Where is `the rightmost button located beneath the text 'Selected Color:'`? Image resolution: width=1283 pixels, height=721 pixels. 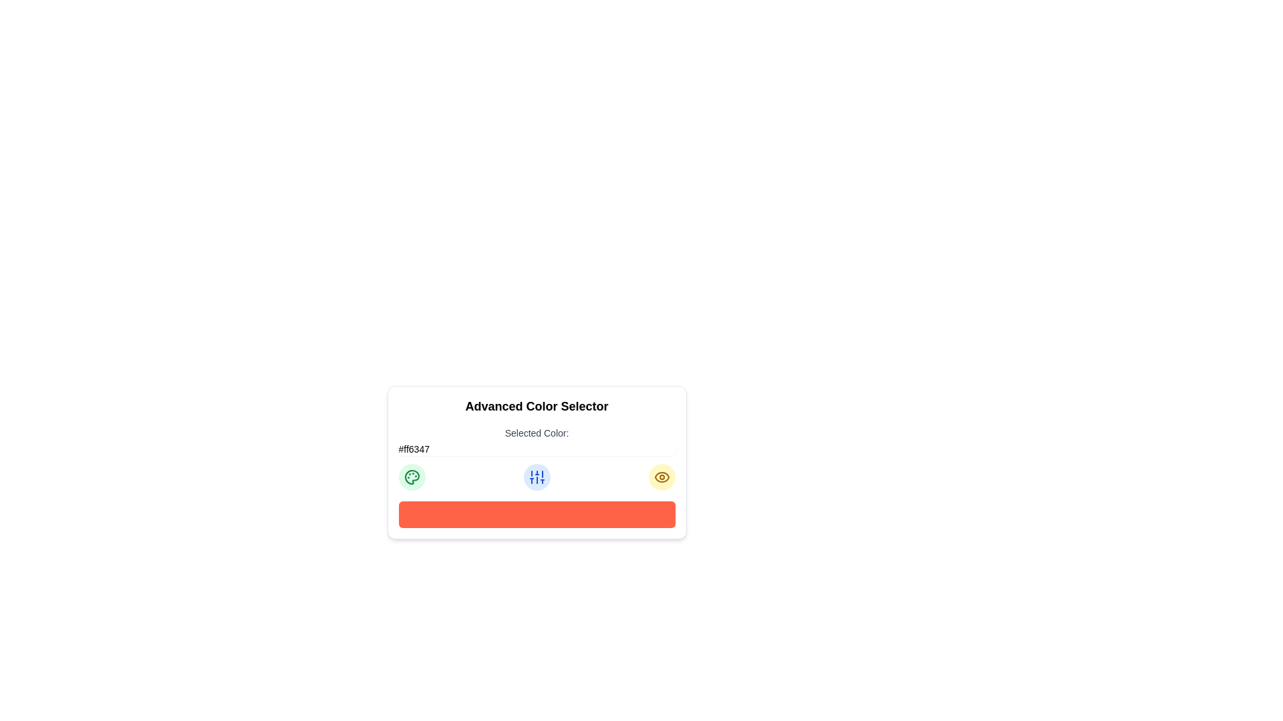 the rightmost button located beneath the text 'Selected Color:' is located at coordinates (662, 476).